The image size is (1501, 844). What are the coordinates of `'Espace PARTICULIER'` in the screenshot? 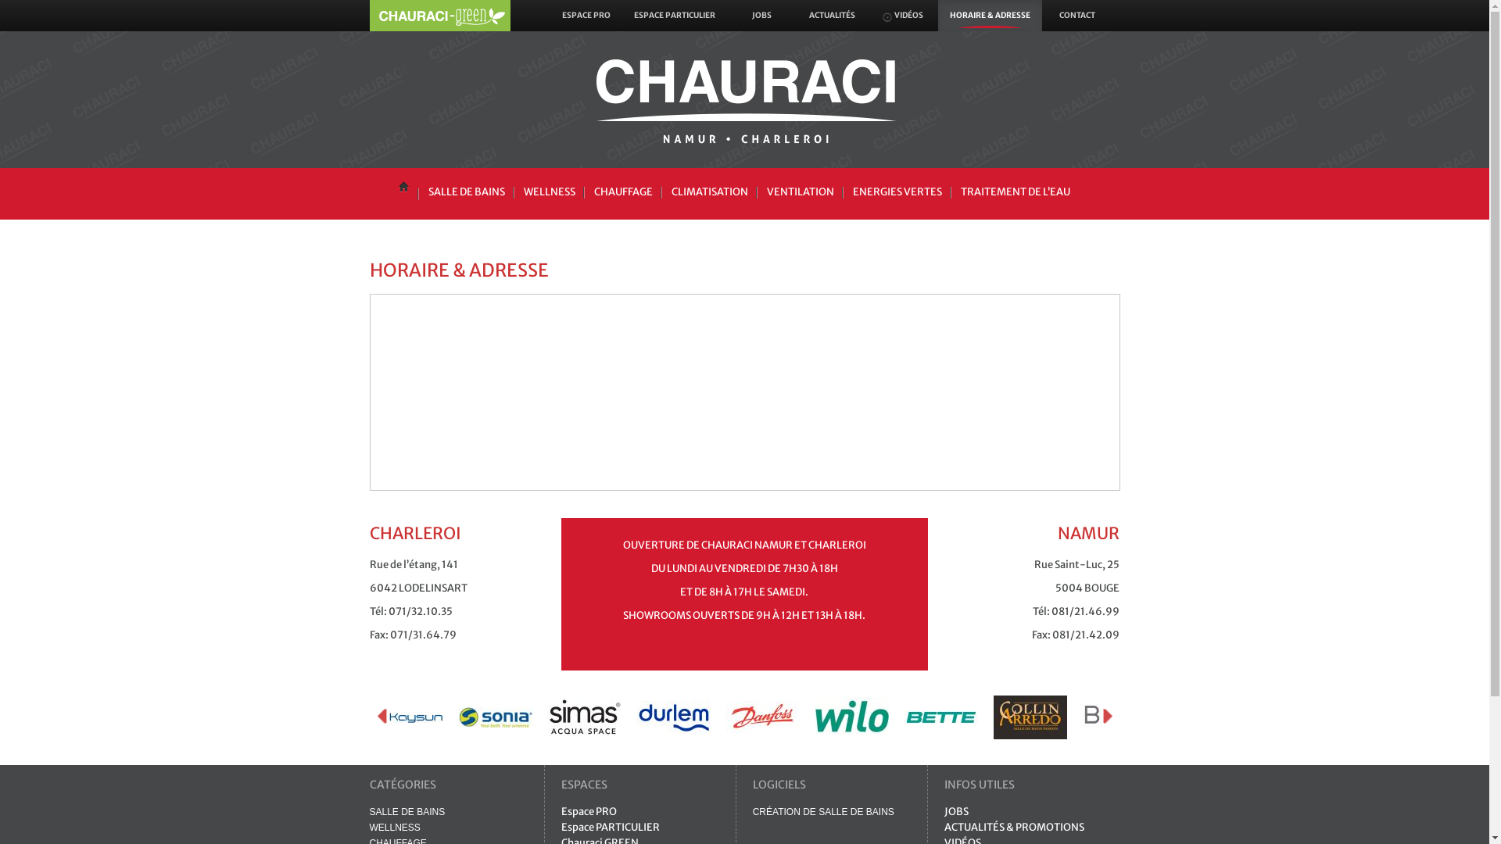 It's located at (610, 826).